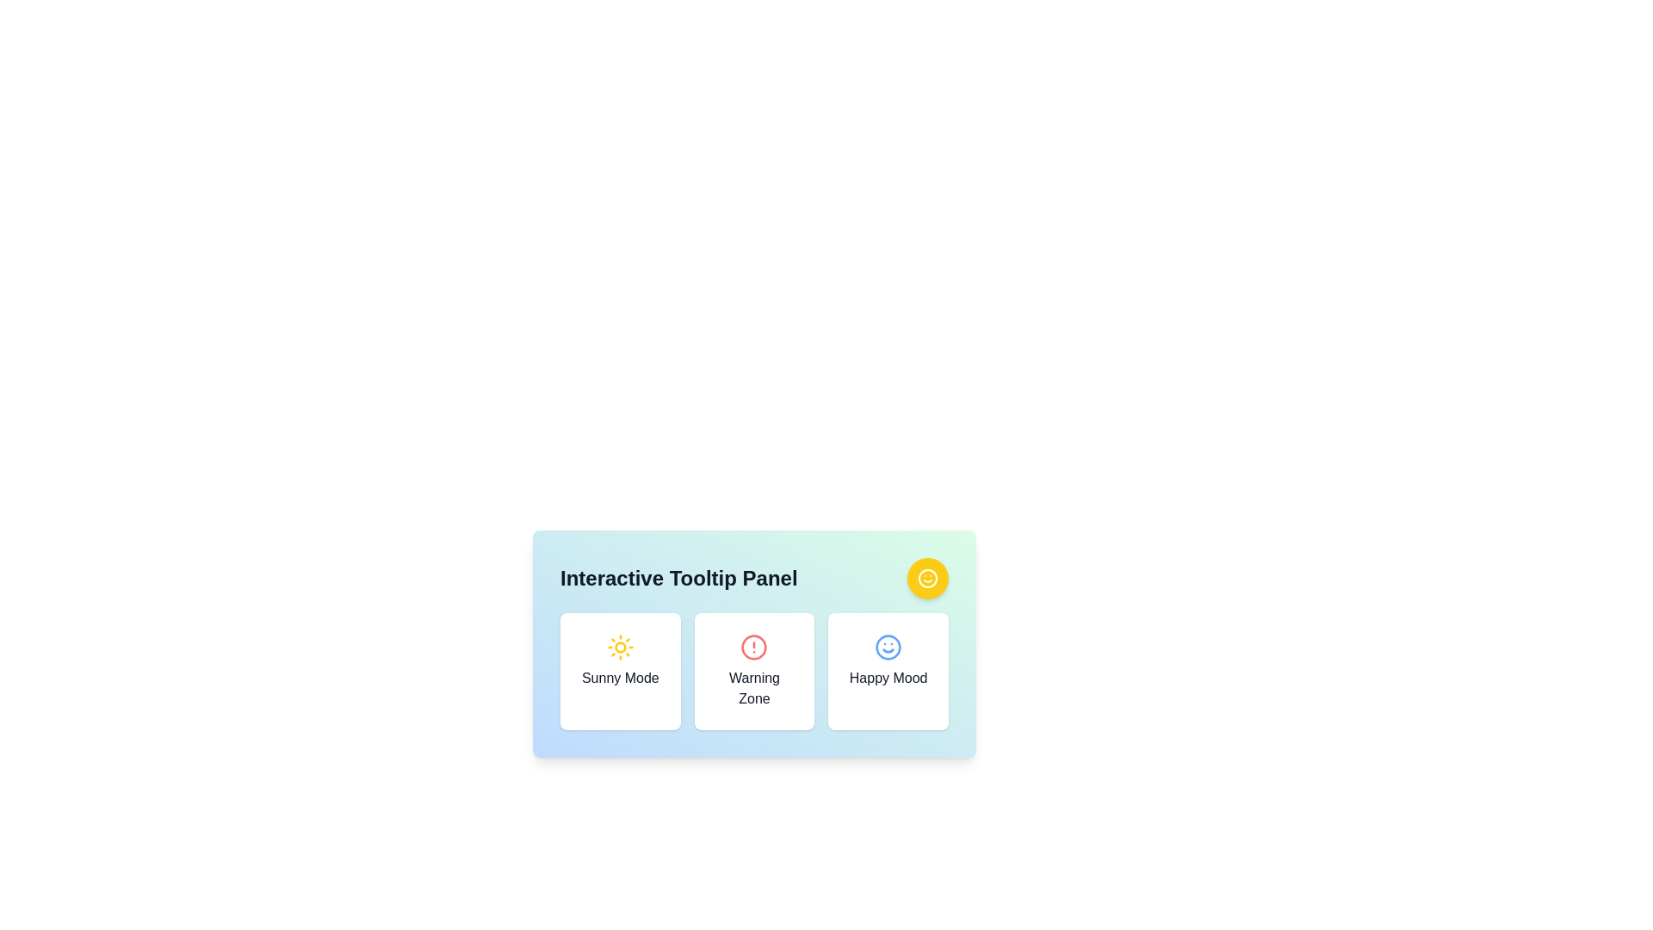 The image size is (1653, 930). I want to click on the happy mood icon located at the top-right corner of the Interactive Tooltip Panel, so click(927, 578).